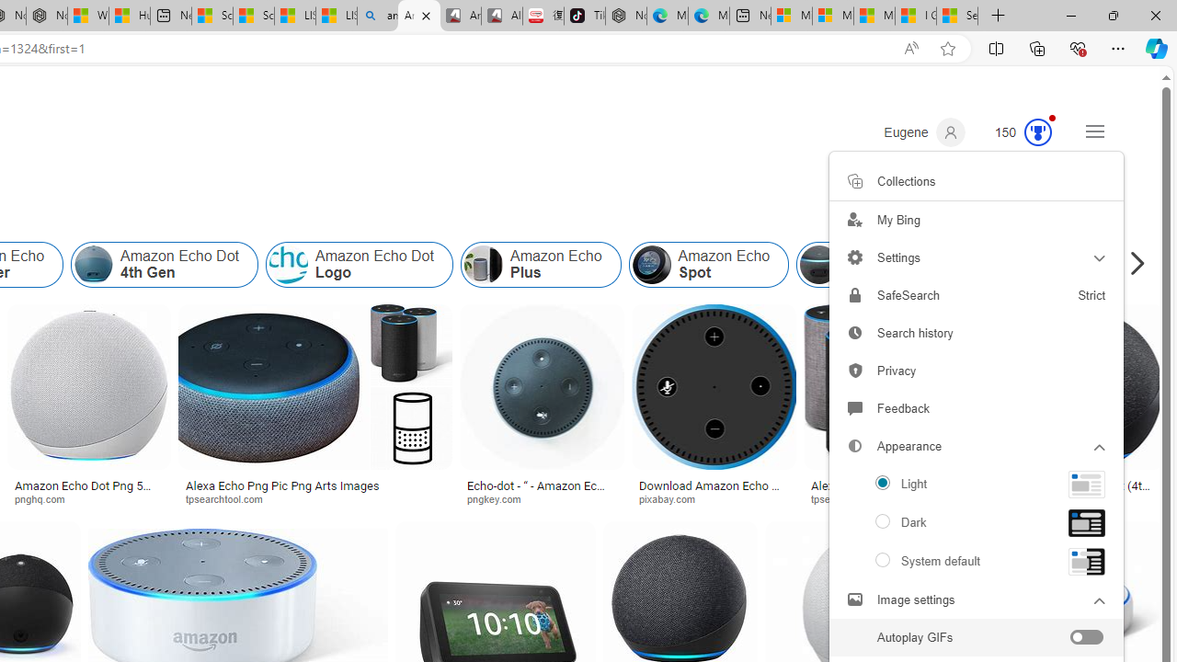  What do you see at coordinates (1095, 130) in the screenshot?
I see `'Settings and quick links'` at bounding box center [1095, 130].